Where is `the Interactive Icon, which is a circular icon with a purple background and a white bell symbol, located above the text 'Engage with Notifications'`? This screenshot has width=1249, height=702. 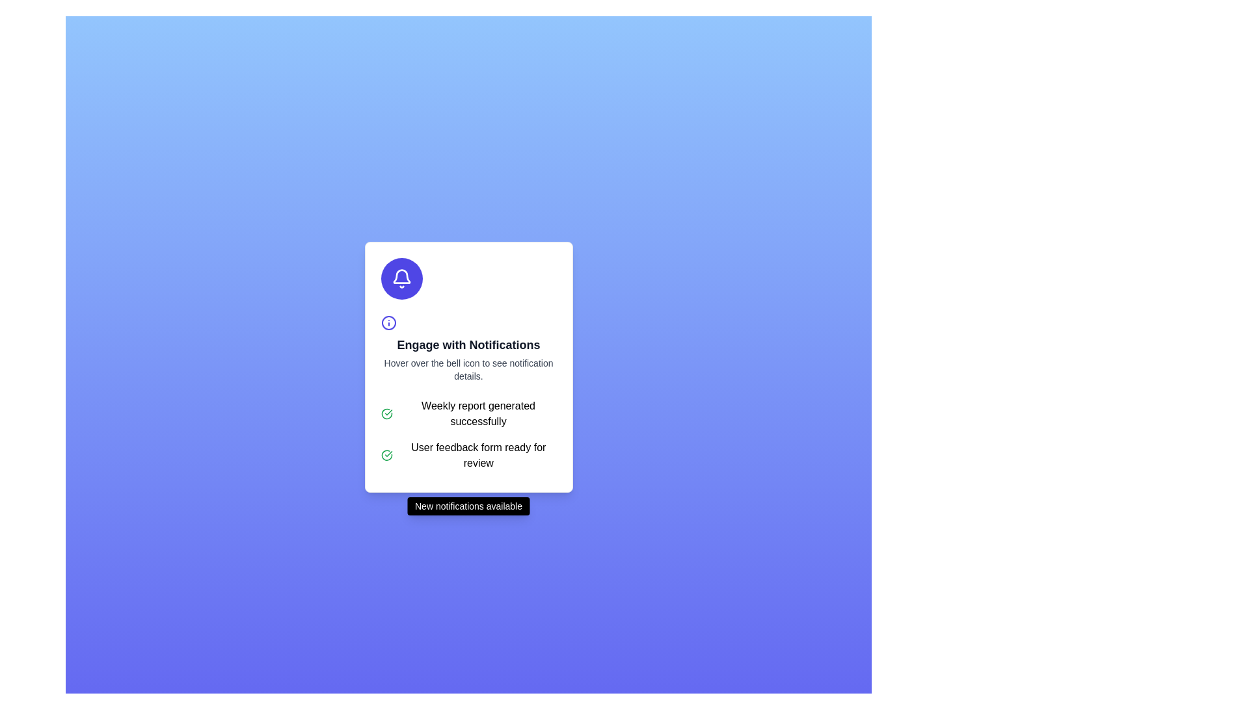 the Interactive Icon, which is a circular icon with a purple background and a white bell symbol, located above the text 'Engage with Notifications' is located at coordinates (401, 278).